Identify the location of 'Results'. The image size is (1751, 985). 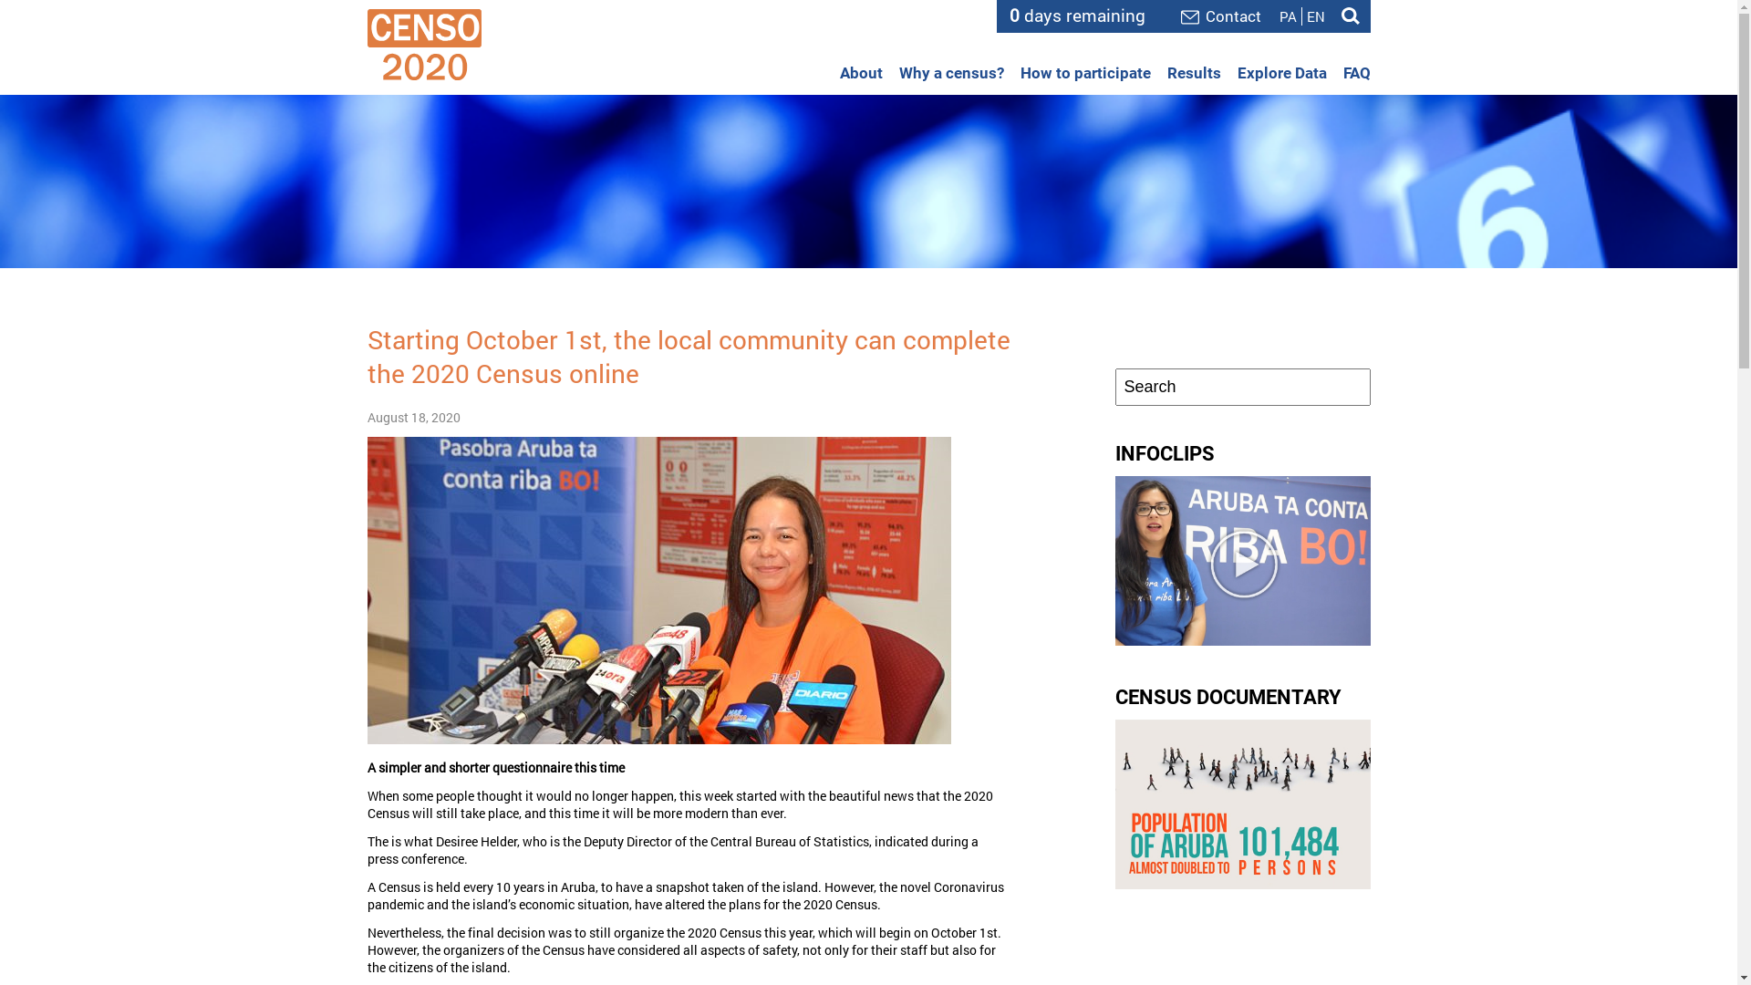
(1194, 72).